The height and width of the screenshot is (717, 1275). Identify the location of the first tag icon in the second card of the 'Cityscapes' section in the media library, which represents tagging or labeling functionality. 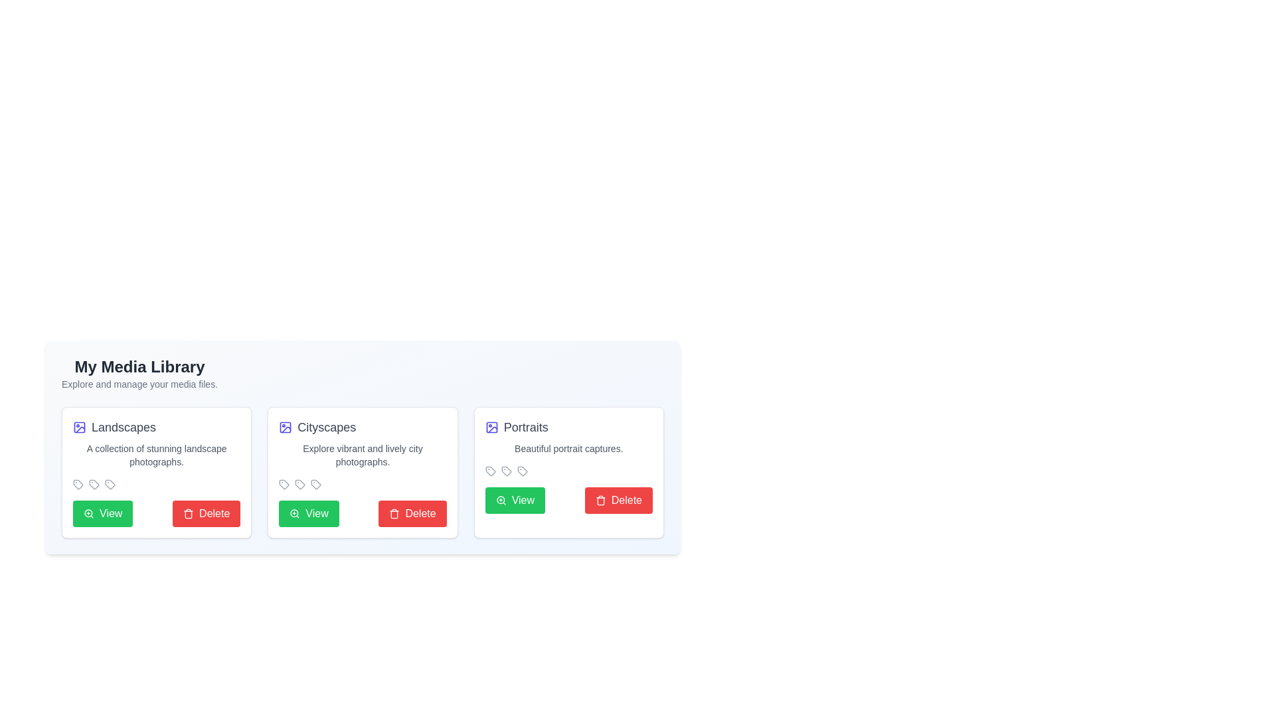
(284, 484).